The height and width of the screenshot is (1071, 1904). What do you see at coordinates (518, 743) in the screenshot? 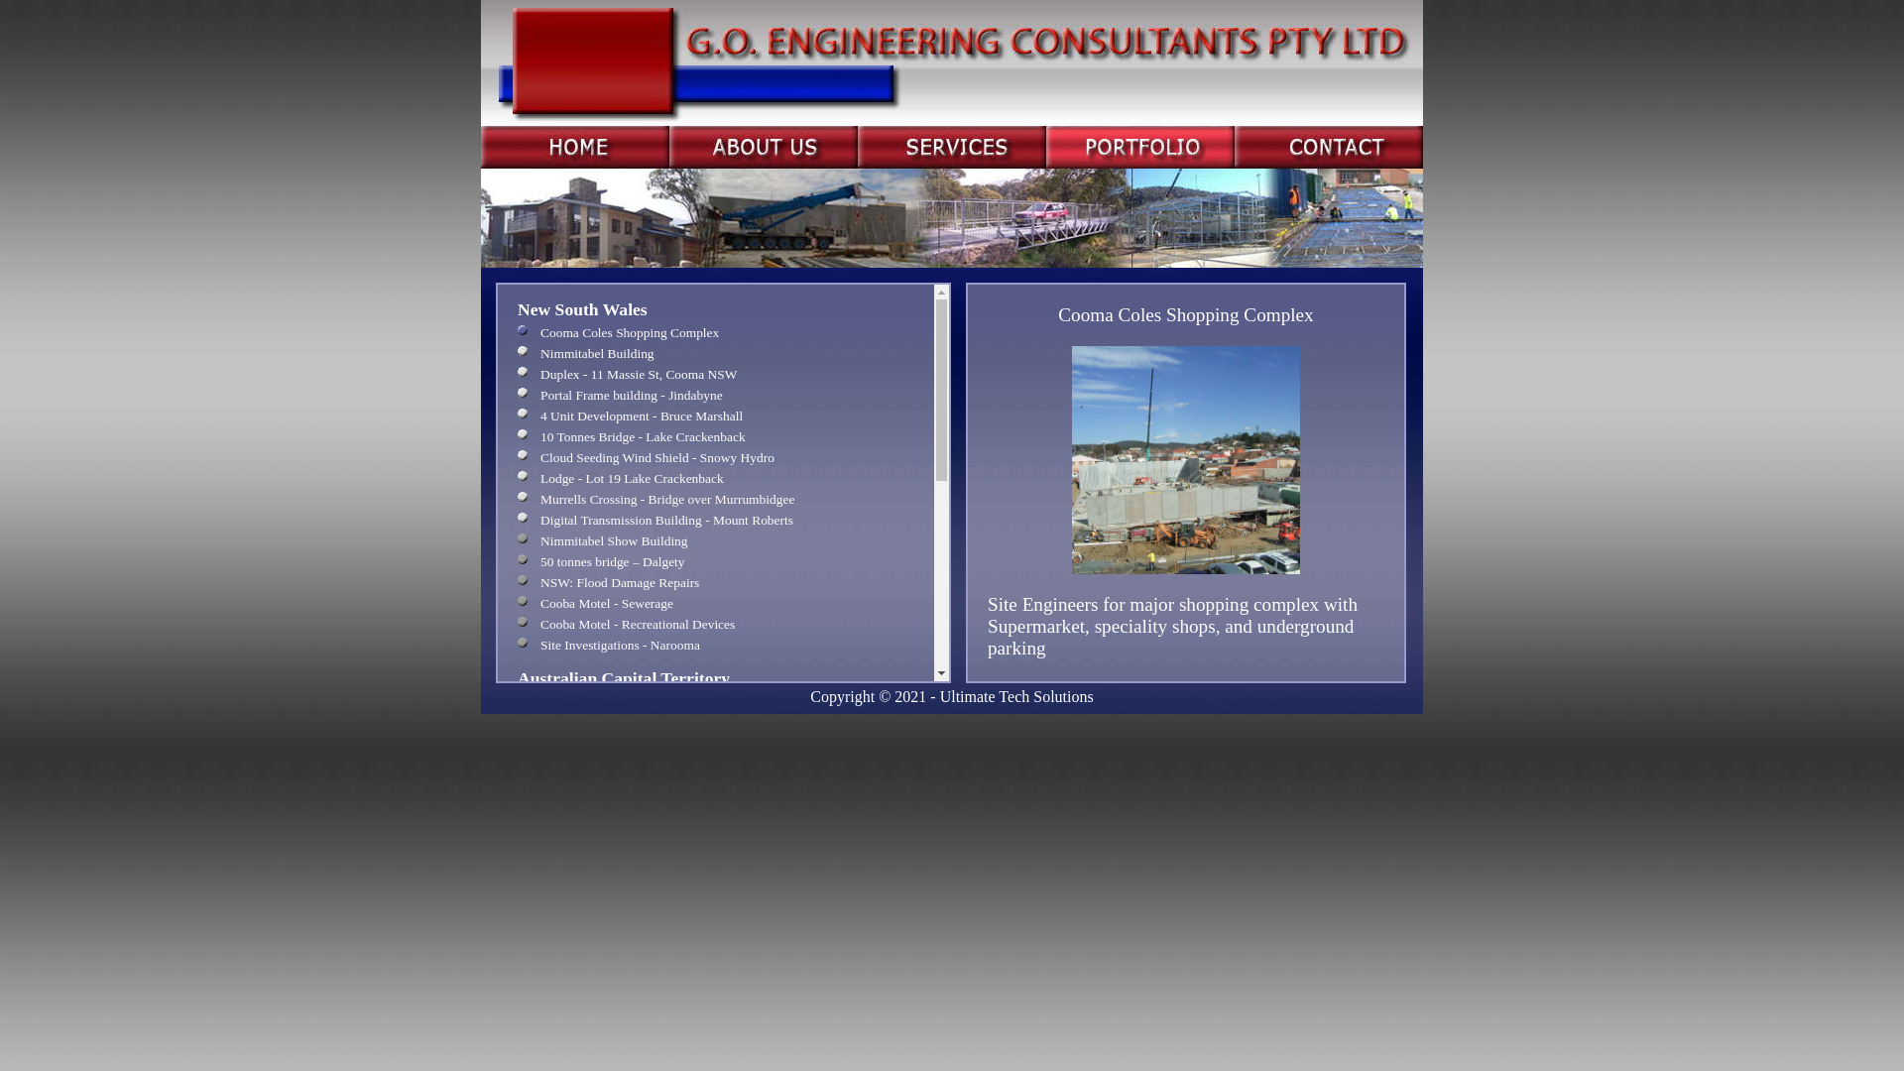
I see `'Institution Garbage Storage Facilities'` at bounding box center [518, 743].